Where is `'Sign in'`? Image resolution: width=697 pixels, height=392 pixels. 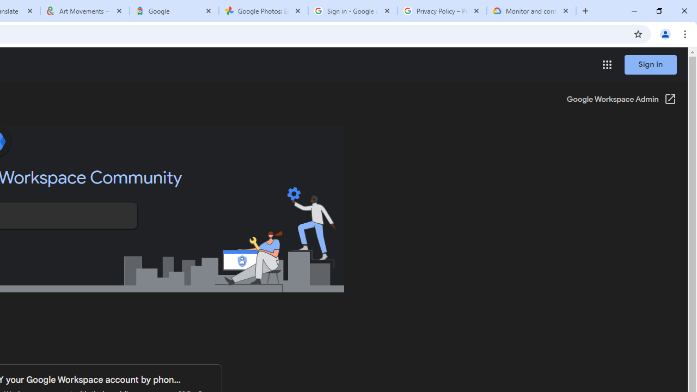
'Sign in' is located at coordinates (650, 64).